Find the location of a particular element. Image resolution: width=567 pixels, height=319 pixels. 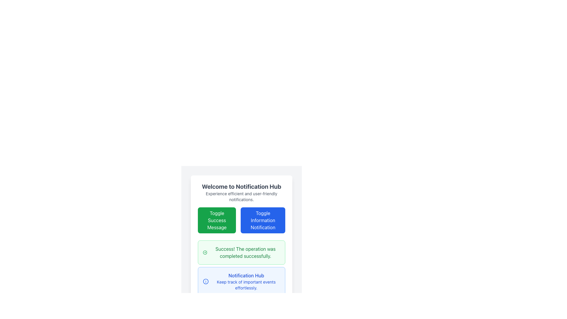

the informational panel titled 'Notification Hub' that provides a description about keeping track of important events, located at the bottom section of the interface card with a blue color scheme is located at coordinates (246, 281).